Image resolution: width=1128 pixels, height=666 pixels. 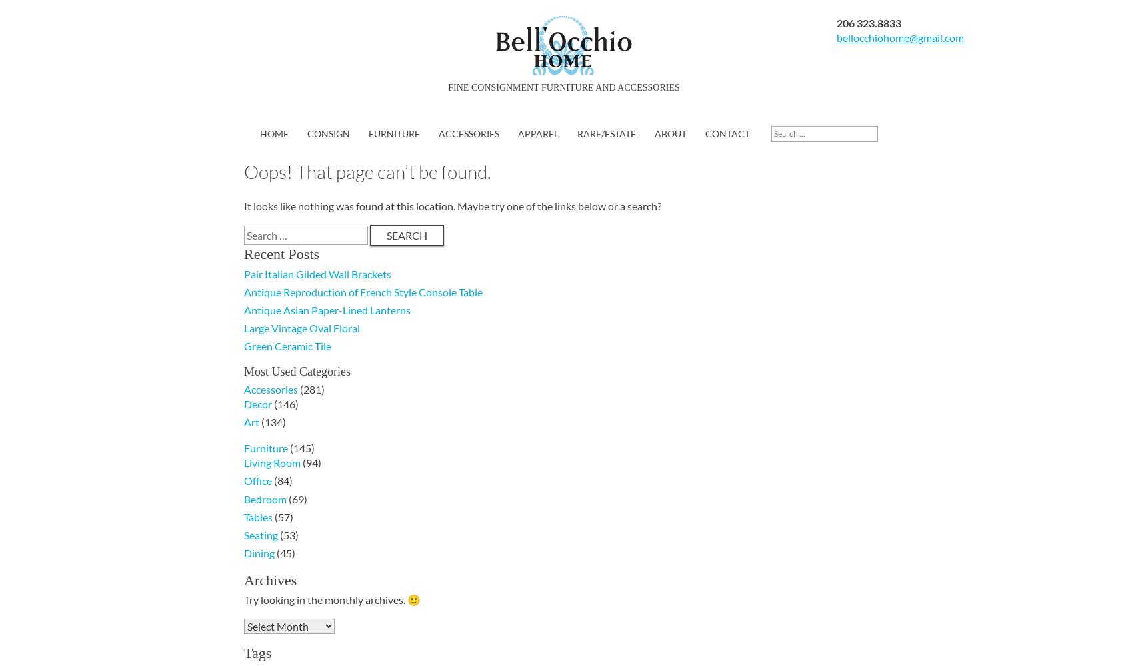 I want to click on 'Green Ceramic Tile', so click(x=243, y=346).